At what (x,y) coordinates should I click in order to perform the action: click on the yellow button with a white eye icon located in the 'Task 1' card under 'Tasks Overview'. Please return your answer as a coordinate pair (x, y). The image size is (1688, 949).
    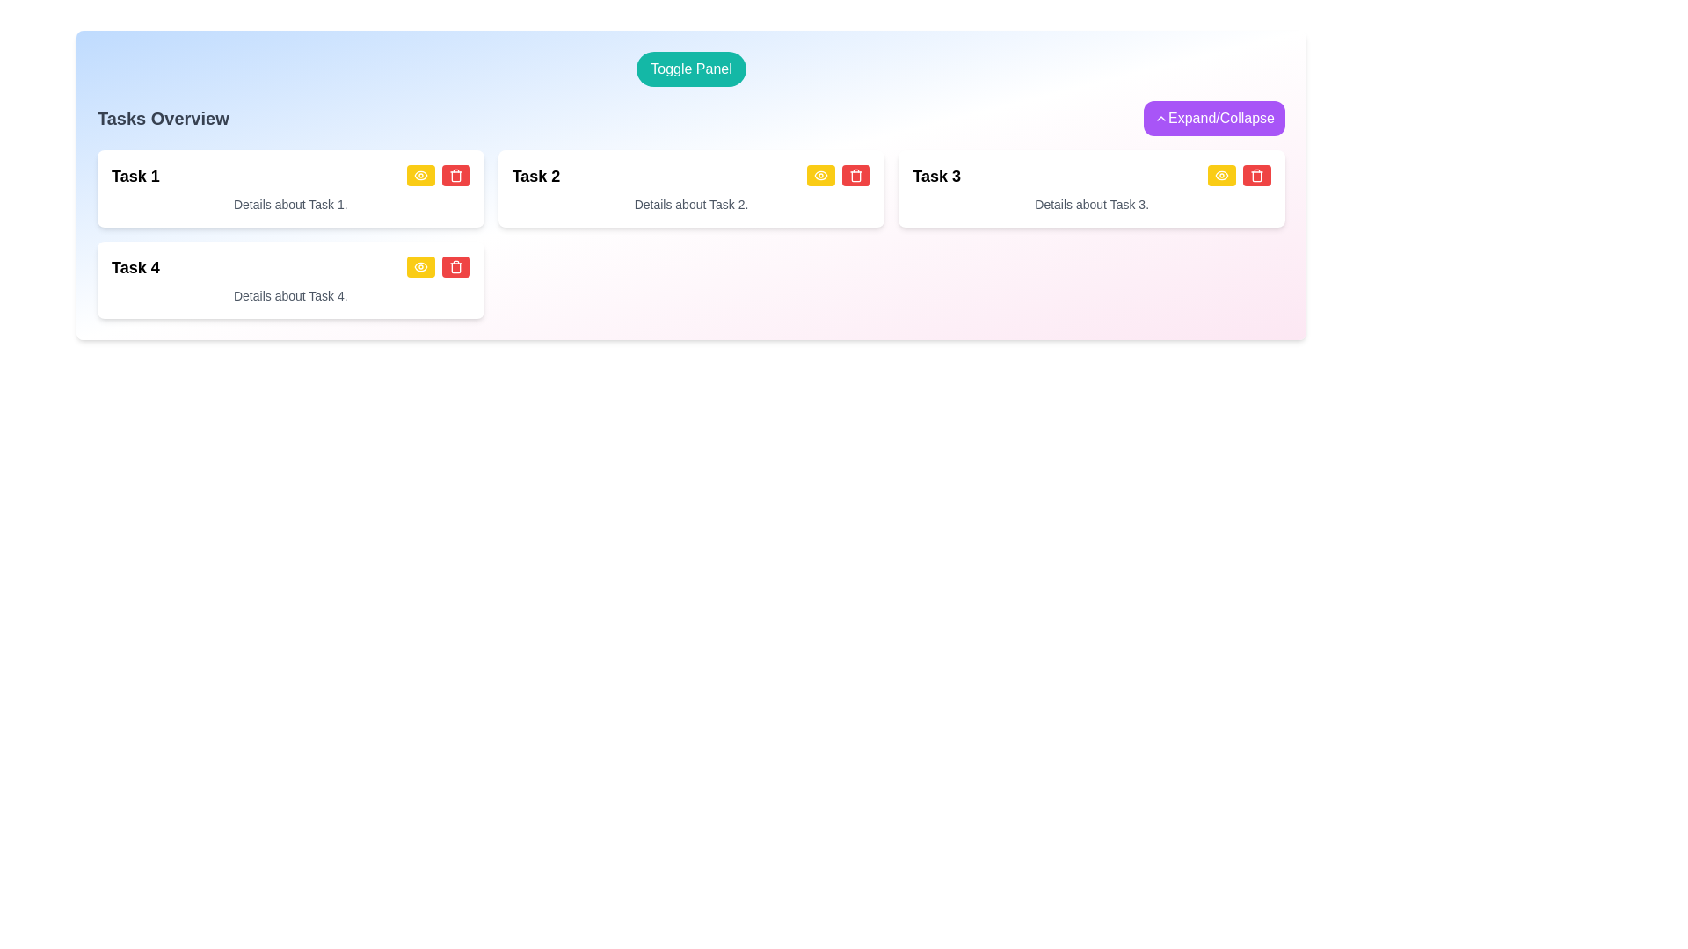
    Looking at the image, I should click on (419, 175).